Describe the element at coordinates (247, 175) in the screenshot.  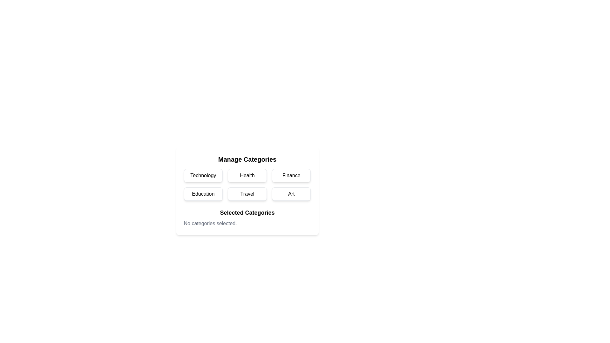
I see `the 'Health' category button to trigger a visual state change` at that location.